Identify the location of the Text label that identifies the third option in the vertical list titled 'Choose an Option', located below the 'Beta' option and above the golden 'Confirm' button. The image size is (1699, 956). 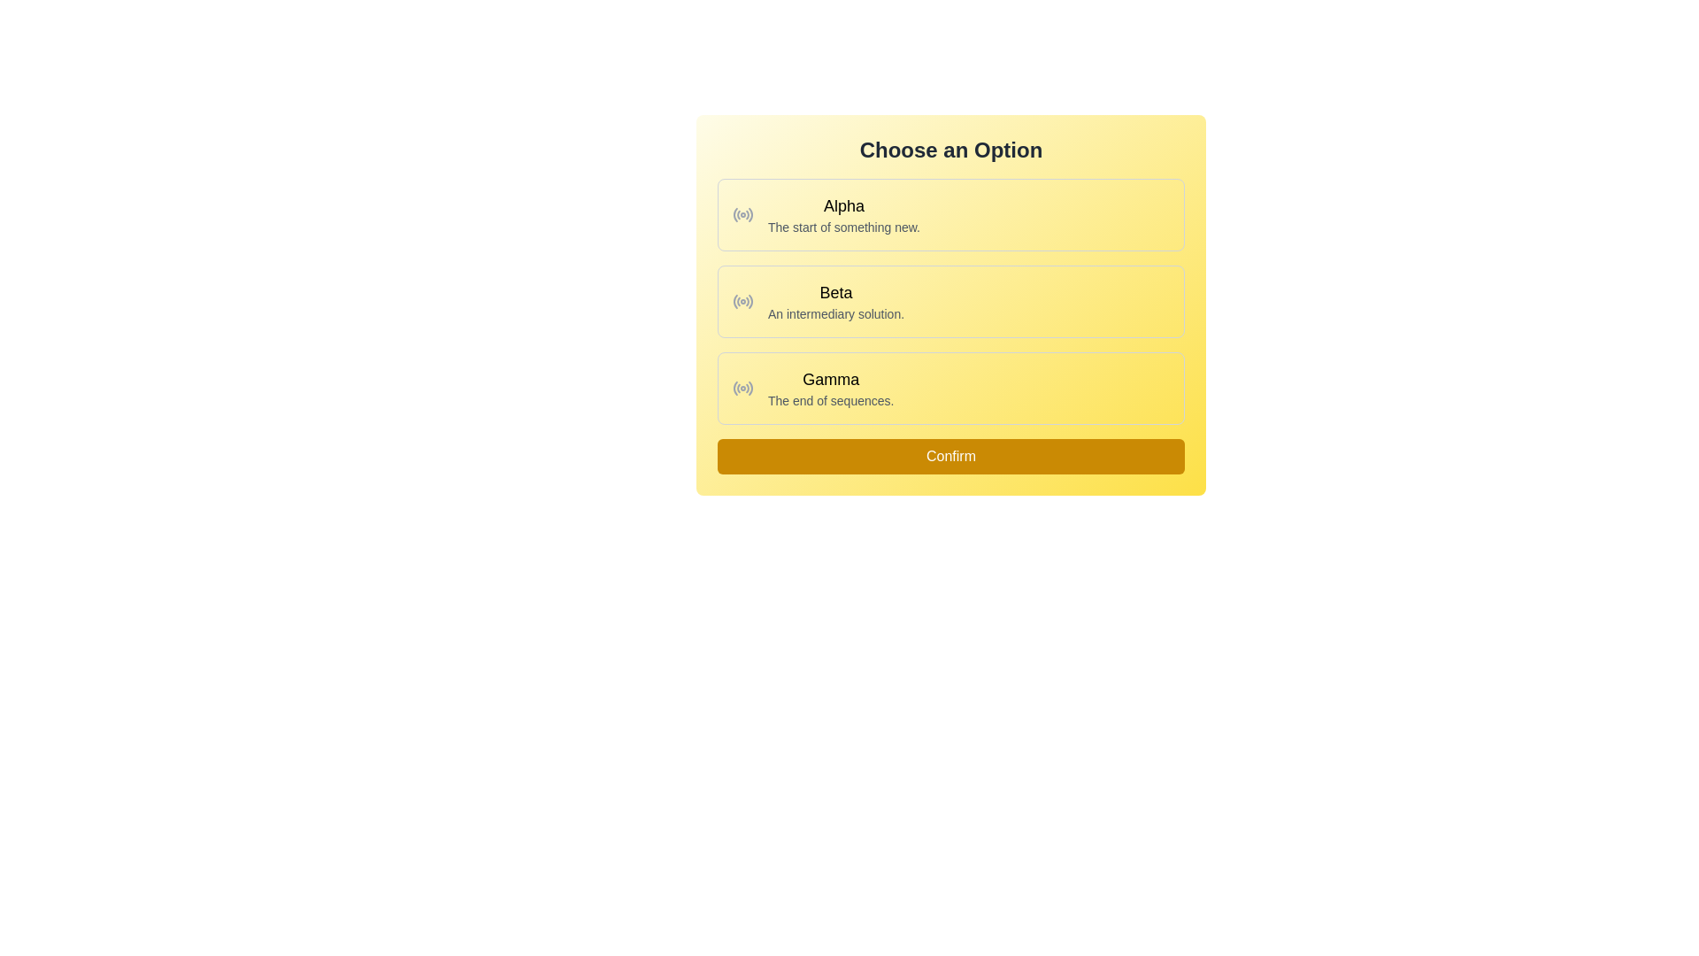
(830, 378).